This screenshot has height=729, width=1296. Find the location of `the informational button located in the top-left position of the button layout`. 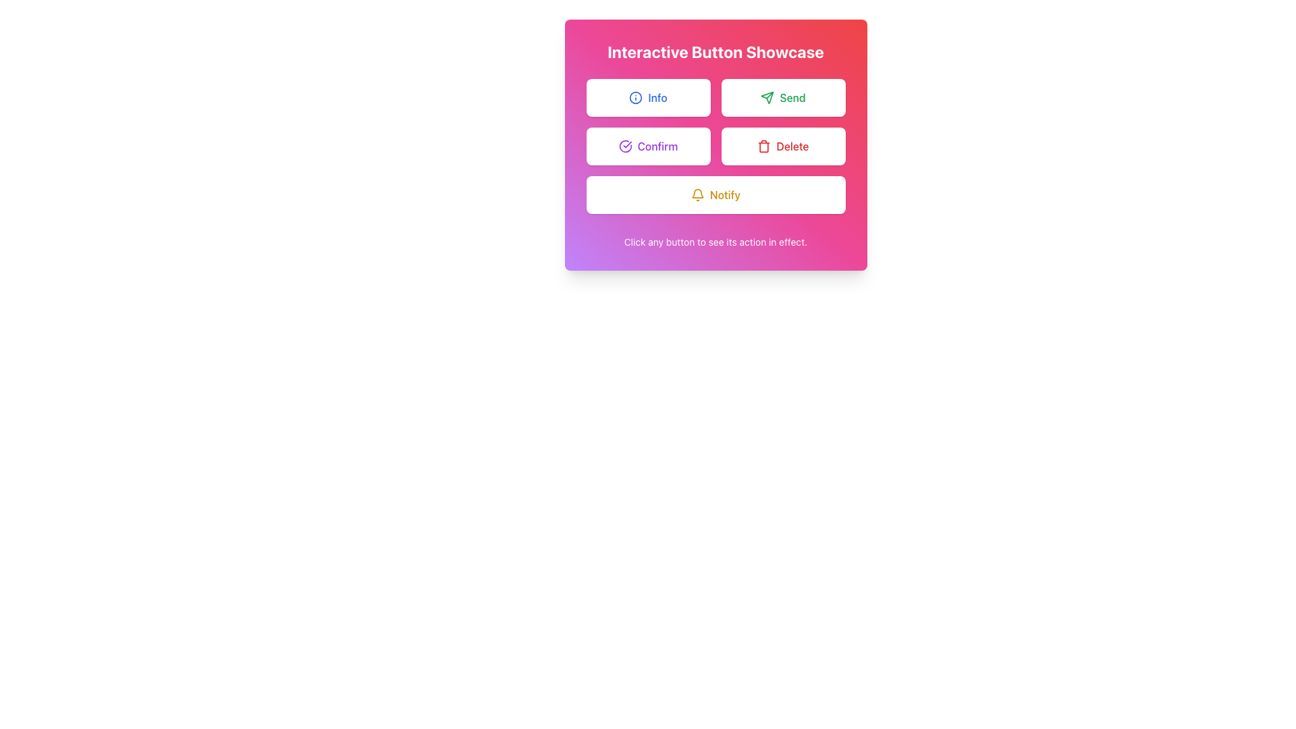

the informational button located in the top-left position of the button layout is located at coordinates (648, 97).